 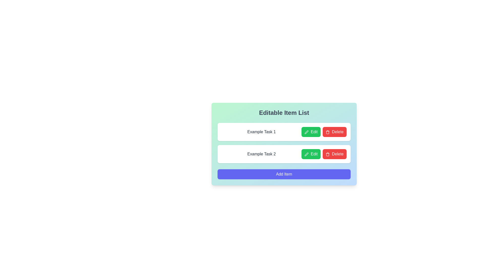 What do you see at coordinates (328, 154) in the screenshot?
I see `the graphical representation of the trash can icon located within the delete button on the right side of the second item in the editable item list` at bounding box center [328, 154].